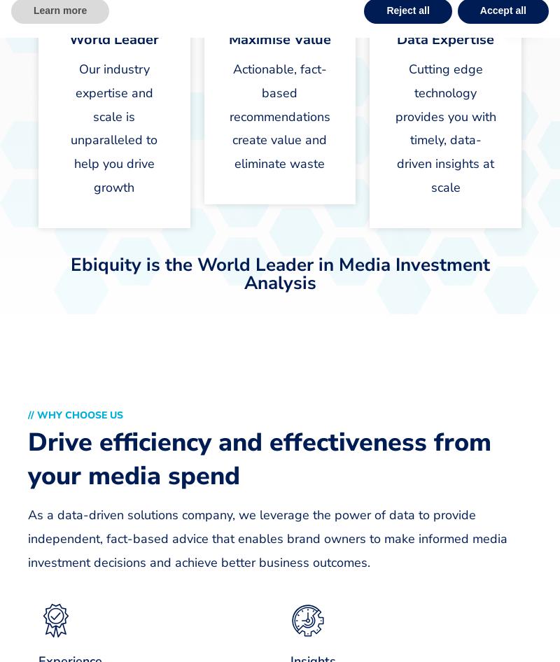 The height and width of the screenshot is (662, 560). I want to click on 'Learn more', so click(60, 10).